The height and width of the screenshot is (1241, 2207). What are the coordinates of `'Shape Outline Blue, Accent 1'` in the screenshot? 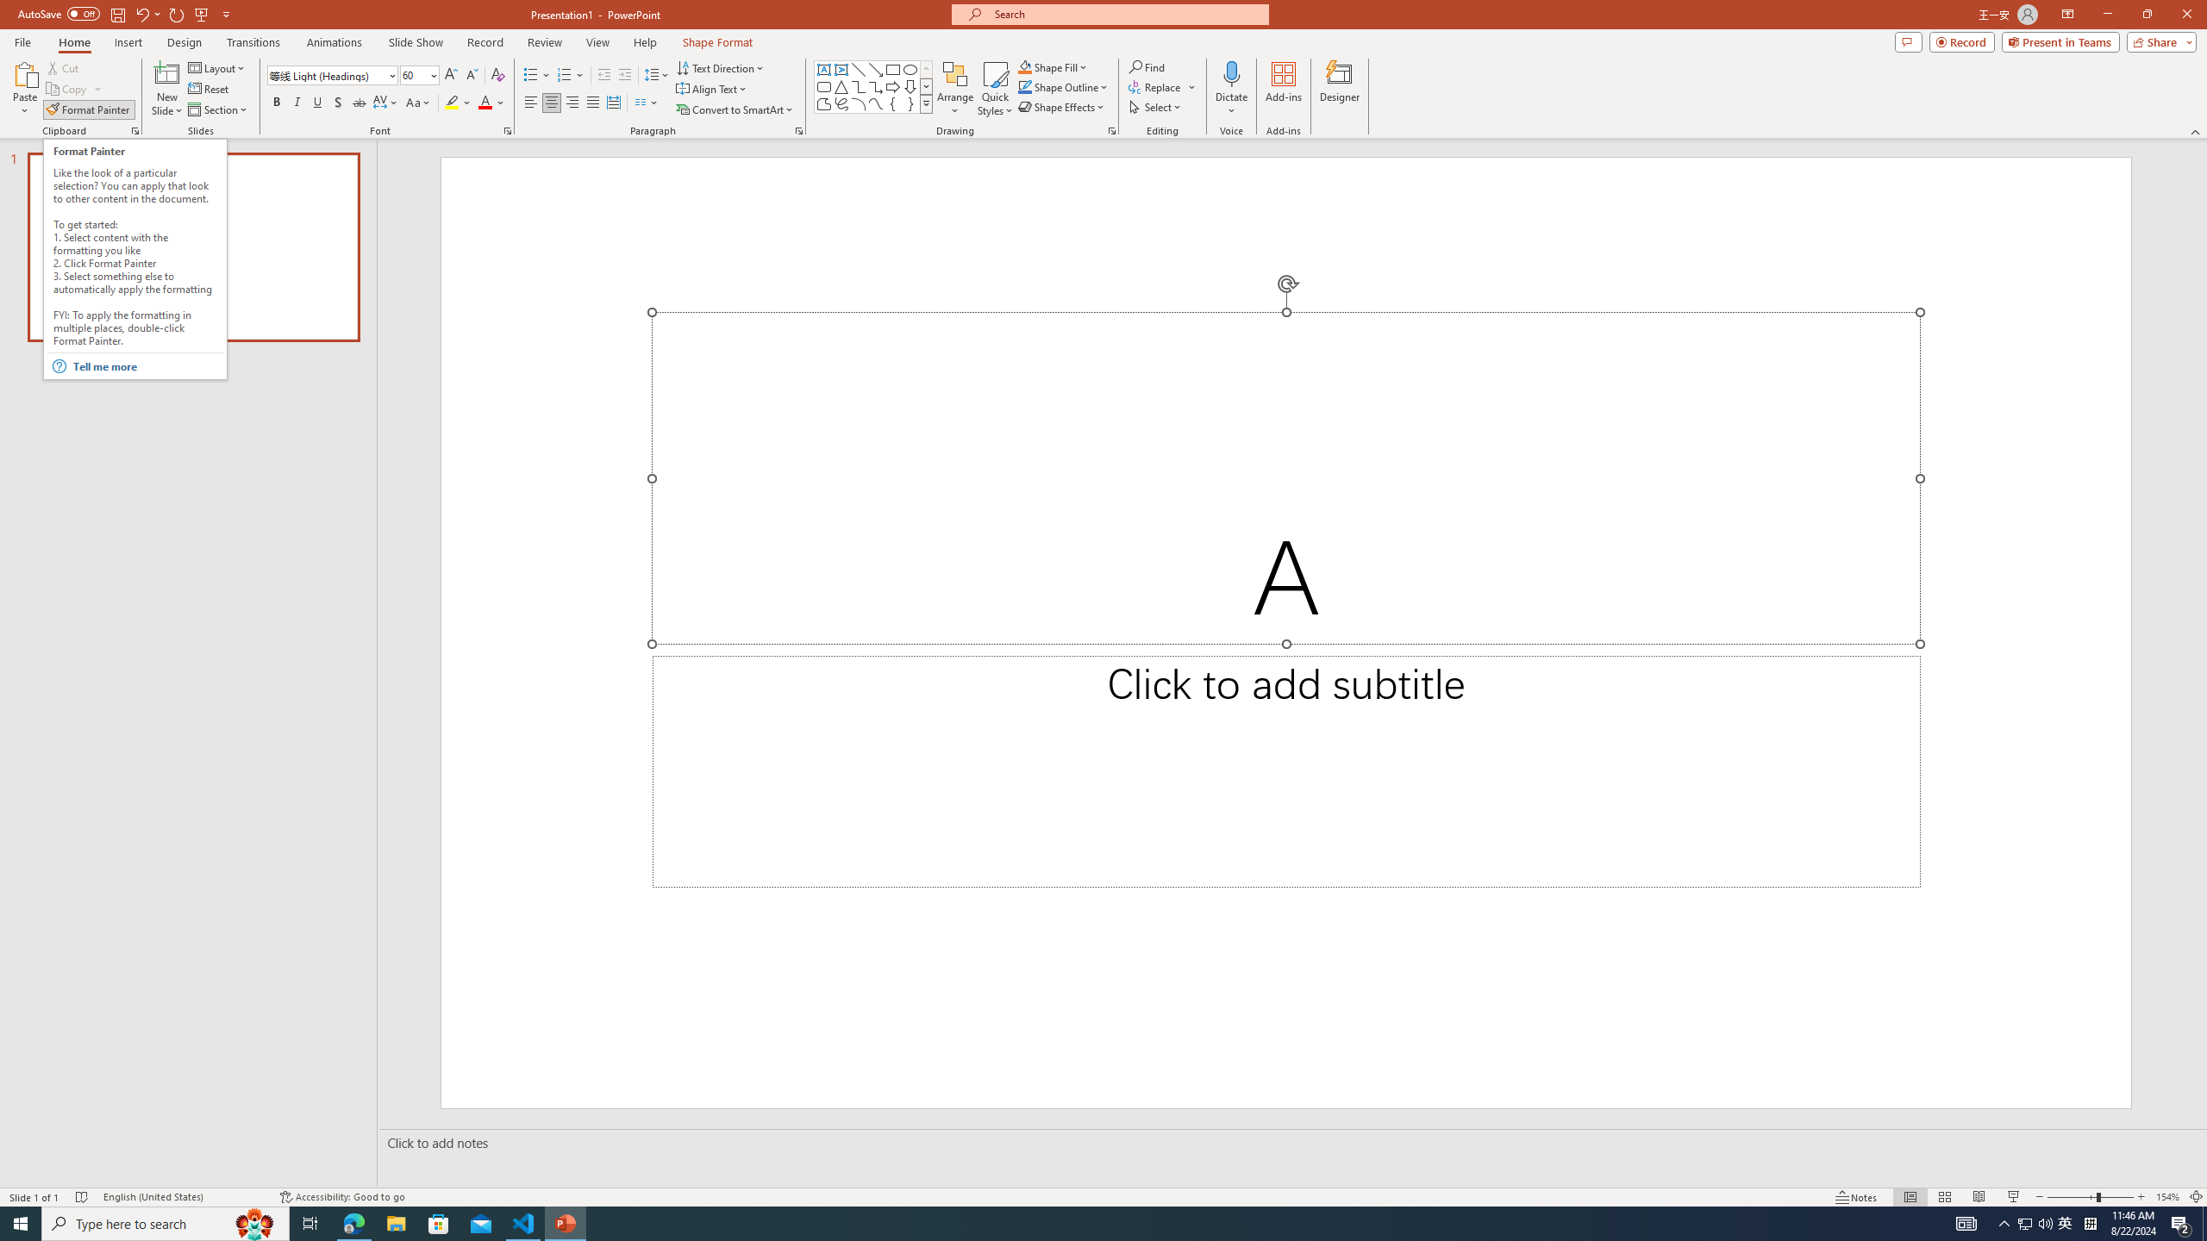 It's located at (1025, 85).